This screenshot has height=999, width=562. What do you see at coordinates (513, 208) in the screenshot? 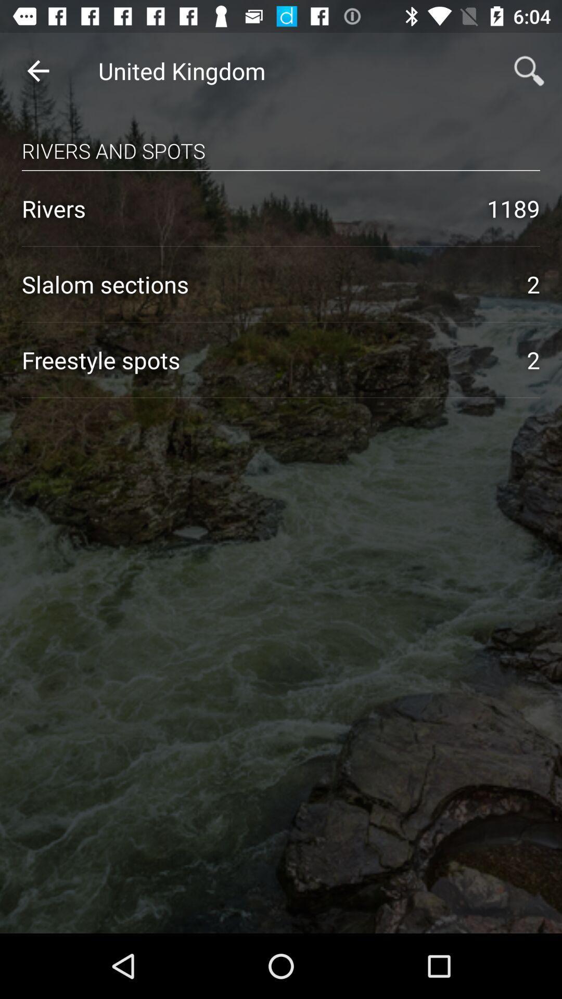
I see `the 1189 item` at bounding box center [513, 208].